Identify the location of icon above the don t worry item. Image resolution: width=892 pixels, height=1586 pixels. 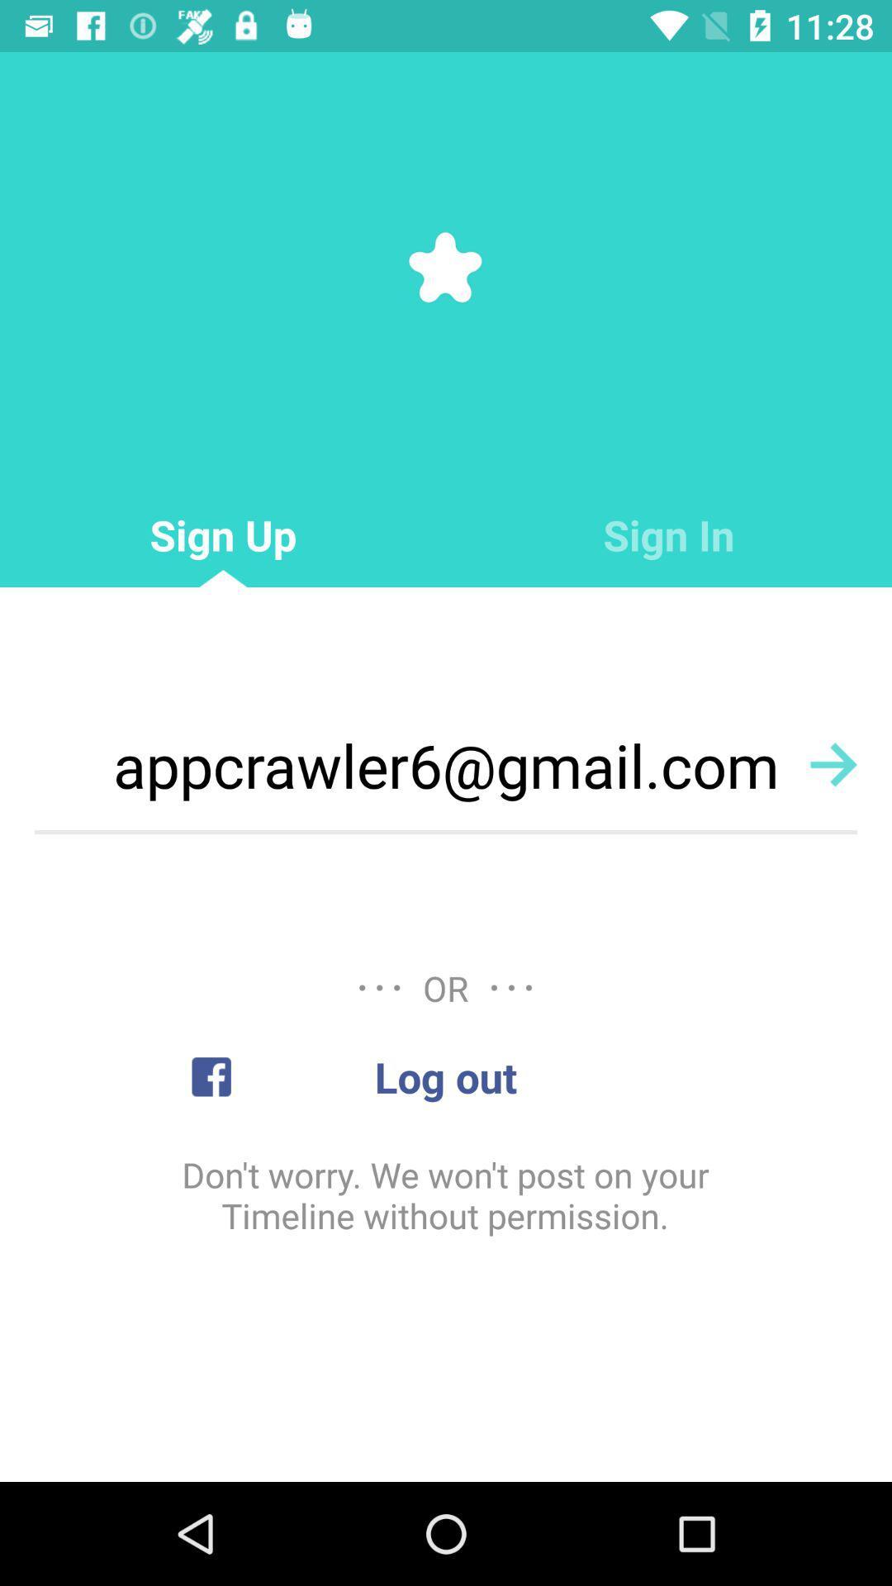
(446, 1076).